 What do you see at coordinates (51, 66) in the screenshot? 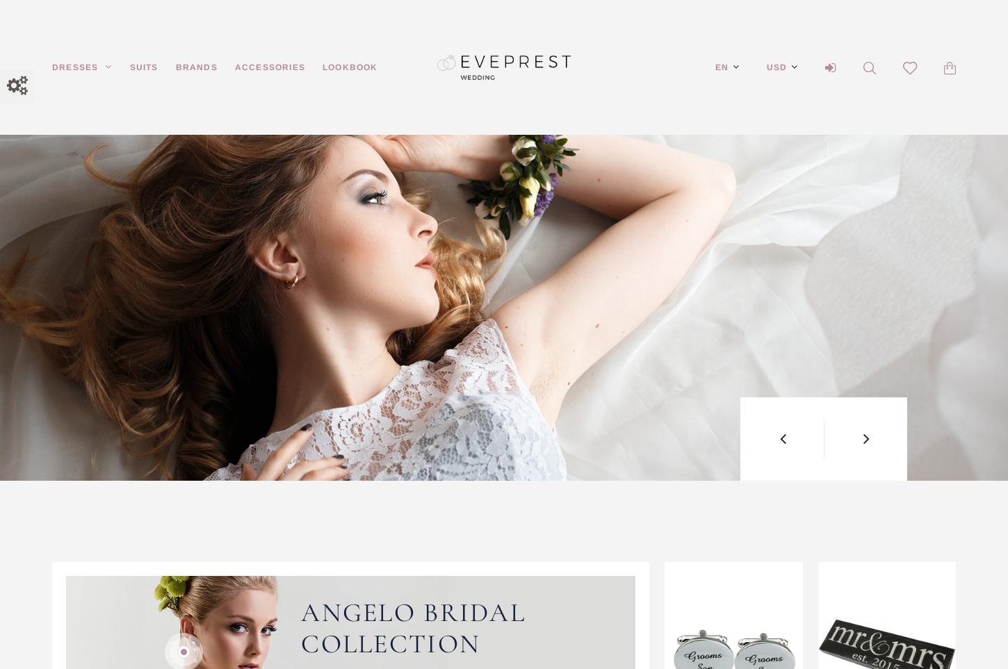
I see `'Dresses'` at bounding box center [51, 66].